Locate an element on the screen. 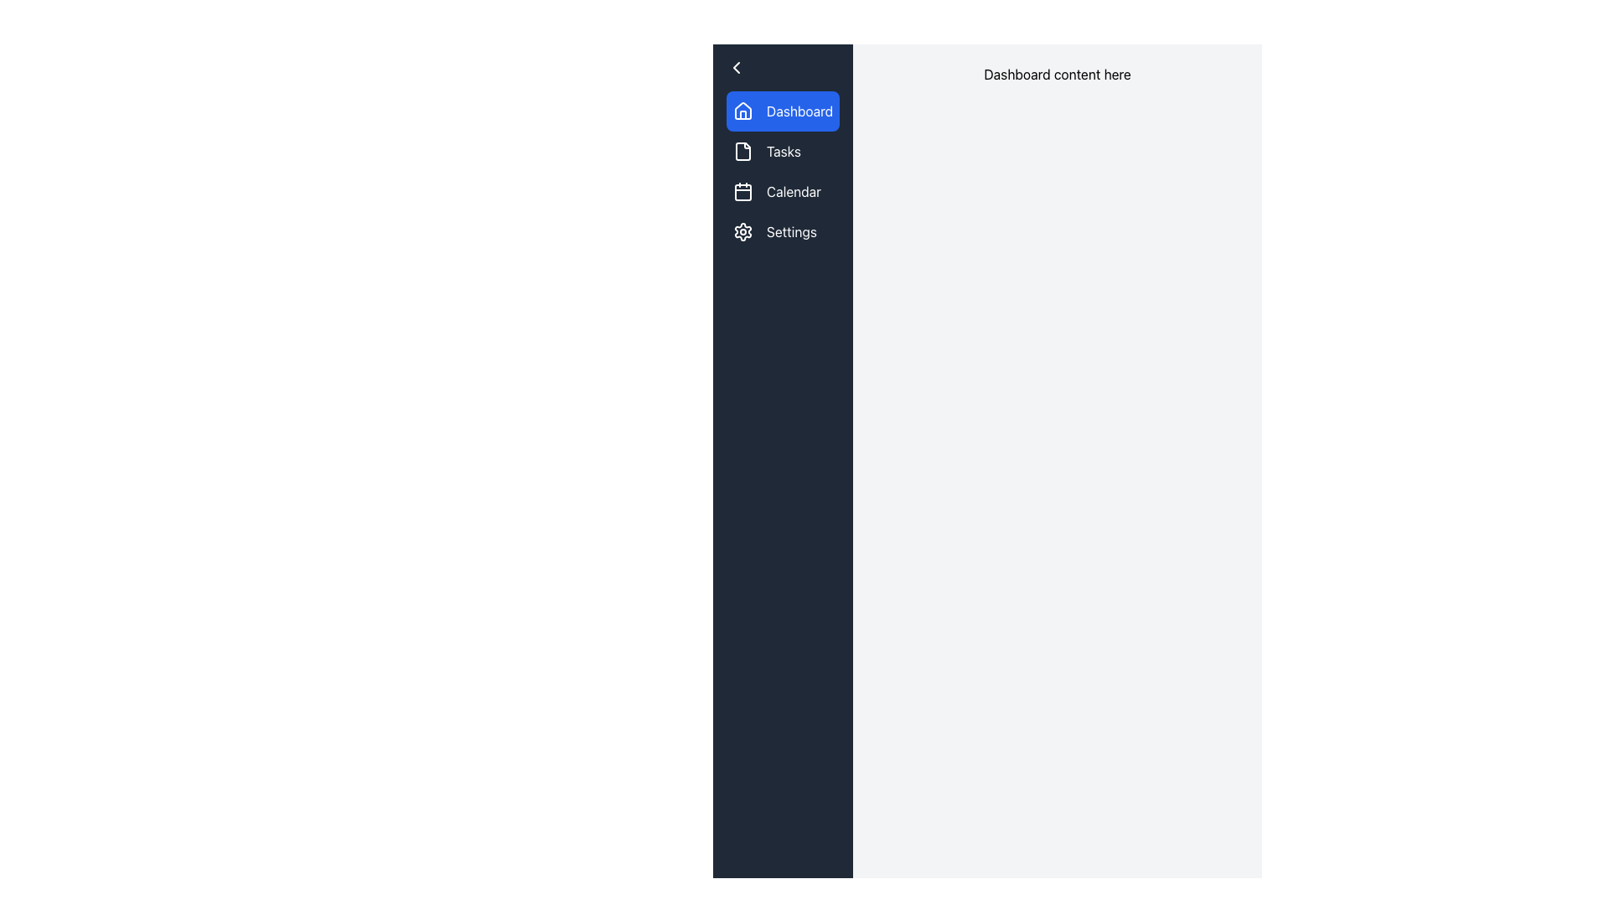 Image resolution: width=1609 pixels, height=905 pixels. the Calendar menu item in the left sidebar is located at coordinates (742, 190).